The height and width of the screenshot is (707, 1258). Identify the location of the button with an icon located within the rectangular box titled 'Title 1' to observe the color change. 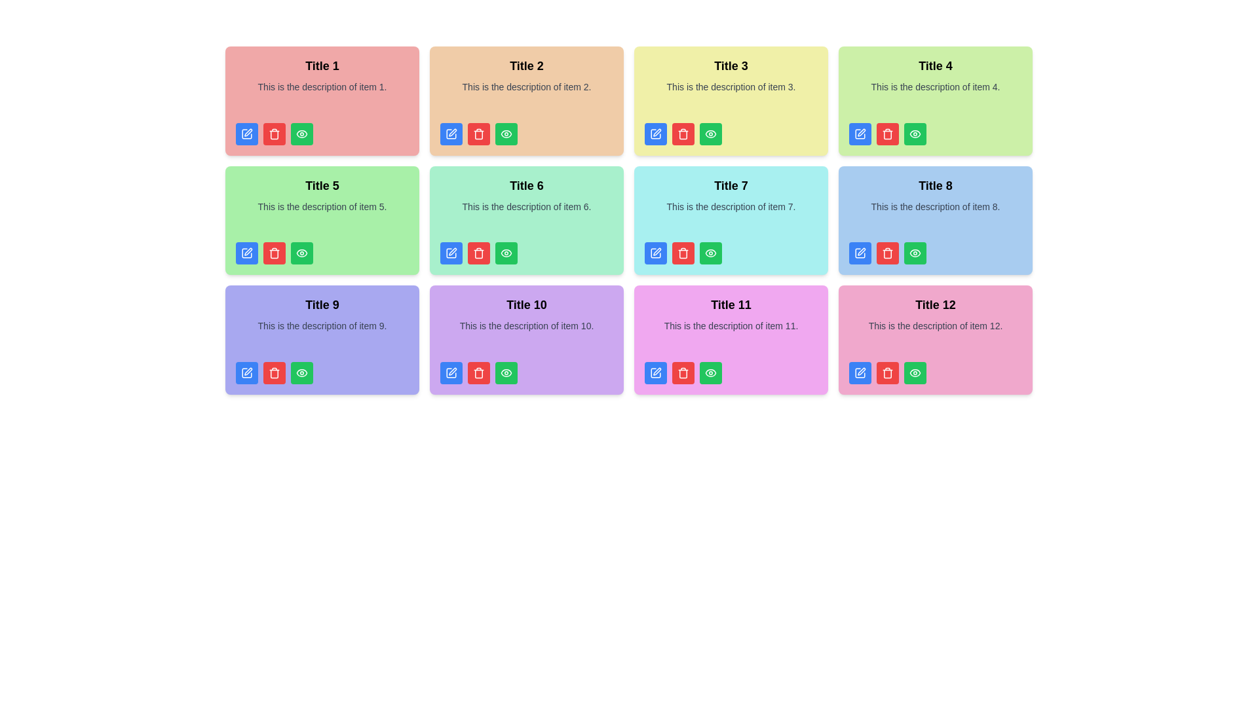
(301, 134).